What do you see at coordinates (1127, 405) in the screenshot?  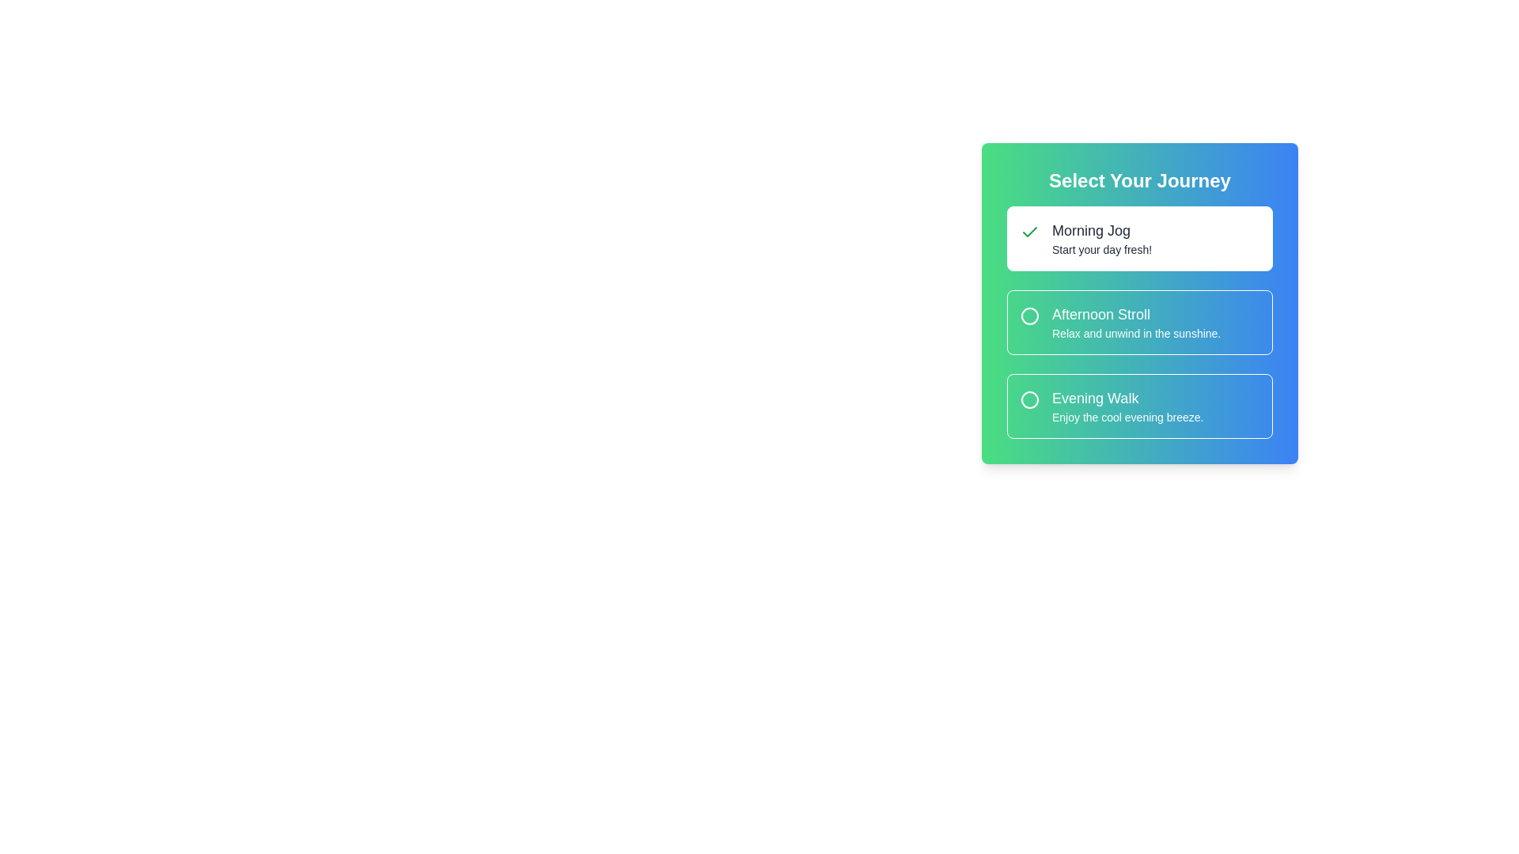 I see `the 'Evening Walk' text label, which describes an option in a vertically arranged list, located below 'Afternoon Stroll'` at bounding box center [1127, 405].